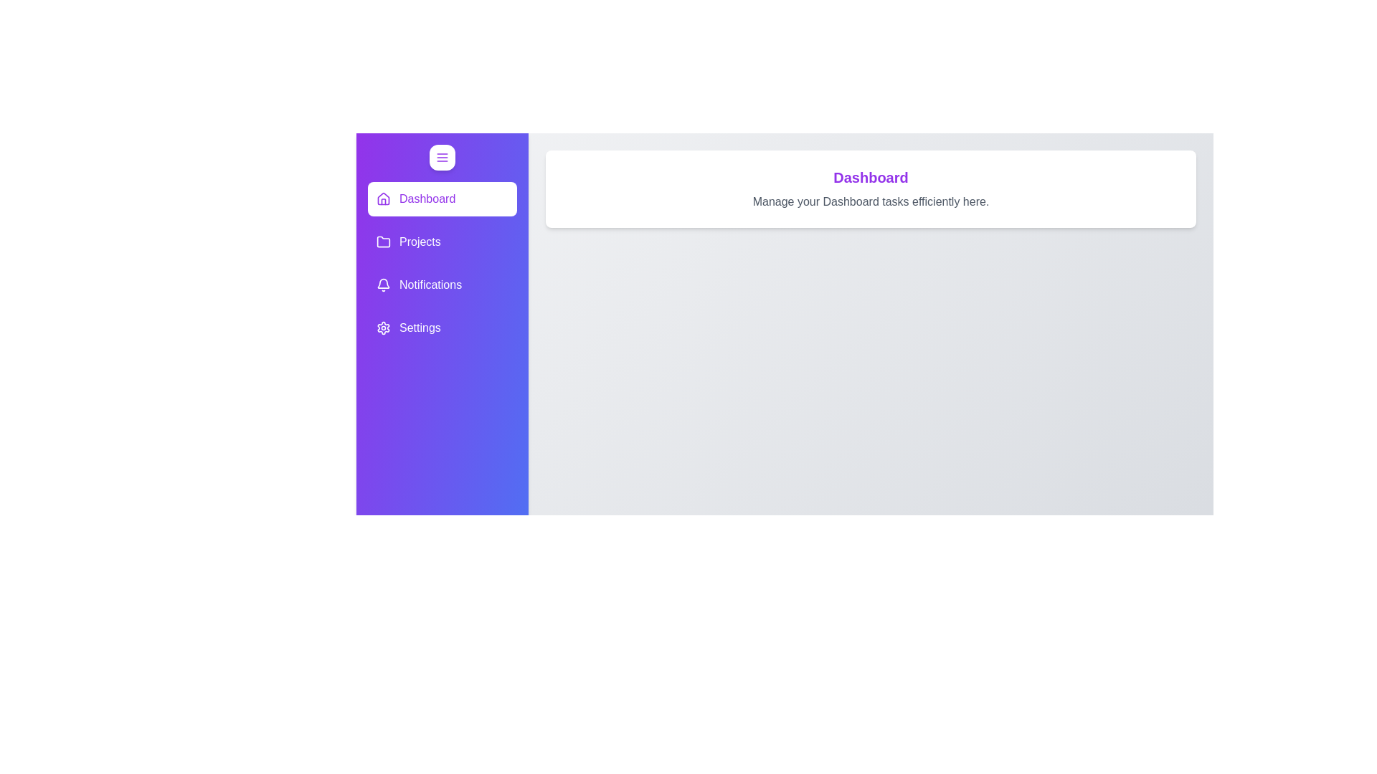 The height and width of the screenshot is (774, 1377). What do you see at coordinates (442, 199) in the screenshot?
I see `the element labeled Dashboard to observe its hover effects` at bounding box center [442, 199].